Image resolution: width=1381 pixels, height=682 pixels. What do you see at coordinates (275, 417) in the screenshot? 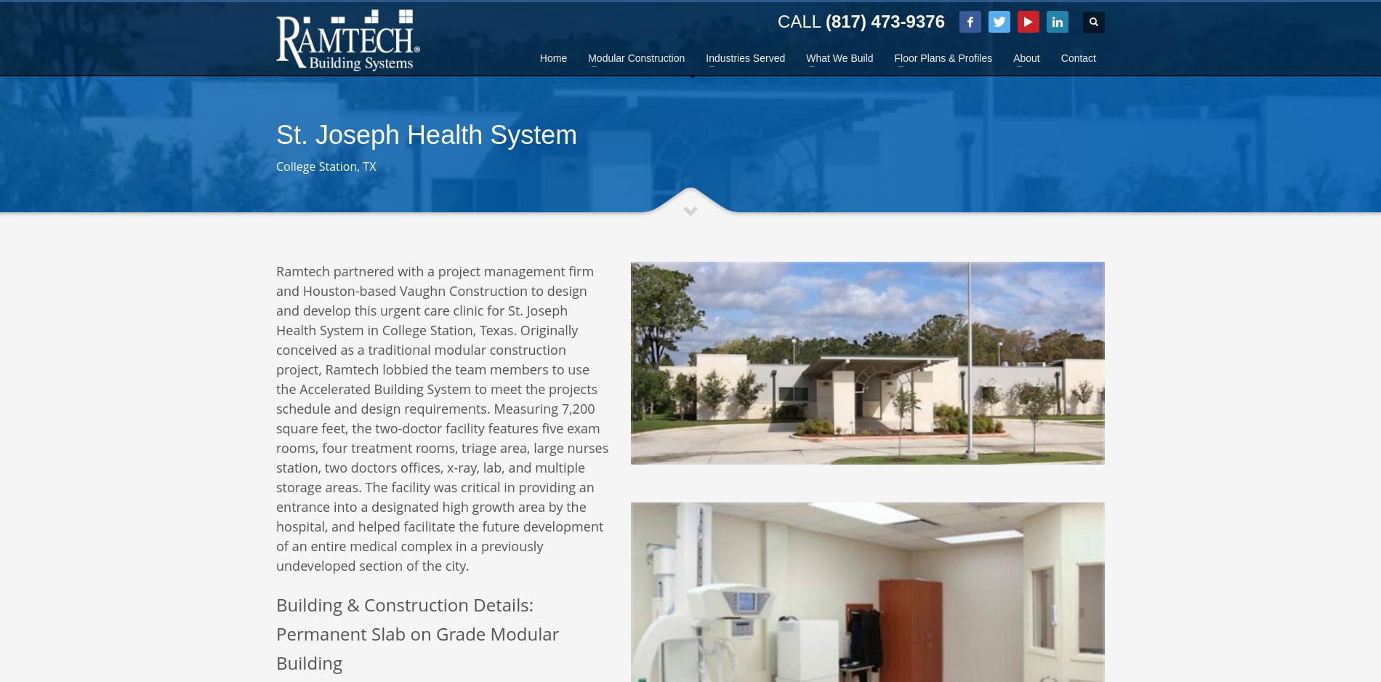
I see `'Ramtech partnered with a project management firm and Houston-based Vaughn Construction to design and develop this urgent care clinic for St. Joseph Health System in College Station, Texas. Originally conceived as a traditional modular construction project, Ramtech lobbied the team members to use the Accelerated Building System to meet the projects schedule and design requirements. Measuring 7,200 square feet, the two-doctor facility features five exam rooms, four treatment rooms, triage area, large nurses station, two doctors offices, x-ray, lab, and multiple storage areas. The facility was critical in providing an entrance into a designated high growth area by the hospital, and helped facilitate the future development of an entire medical complex in a previously undeveloped section of the city.'` at bounding box center [275, 417].